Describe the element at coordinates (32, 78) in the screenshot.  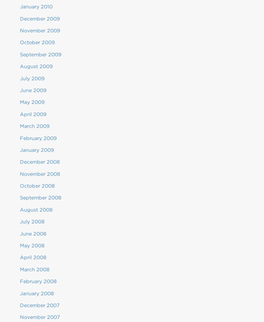
I see `'July 2009'` at that location.